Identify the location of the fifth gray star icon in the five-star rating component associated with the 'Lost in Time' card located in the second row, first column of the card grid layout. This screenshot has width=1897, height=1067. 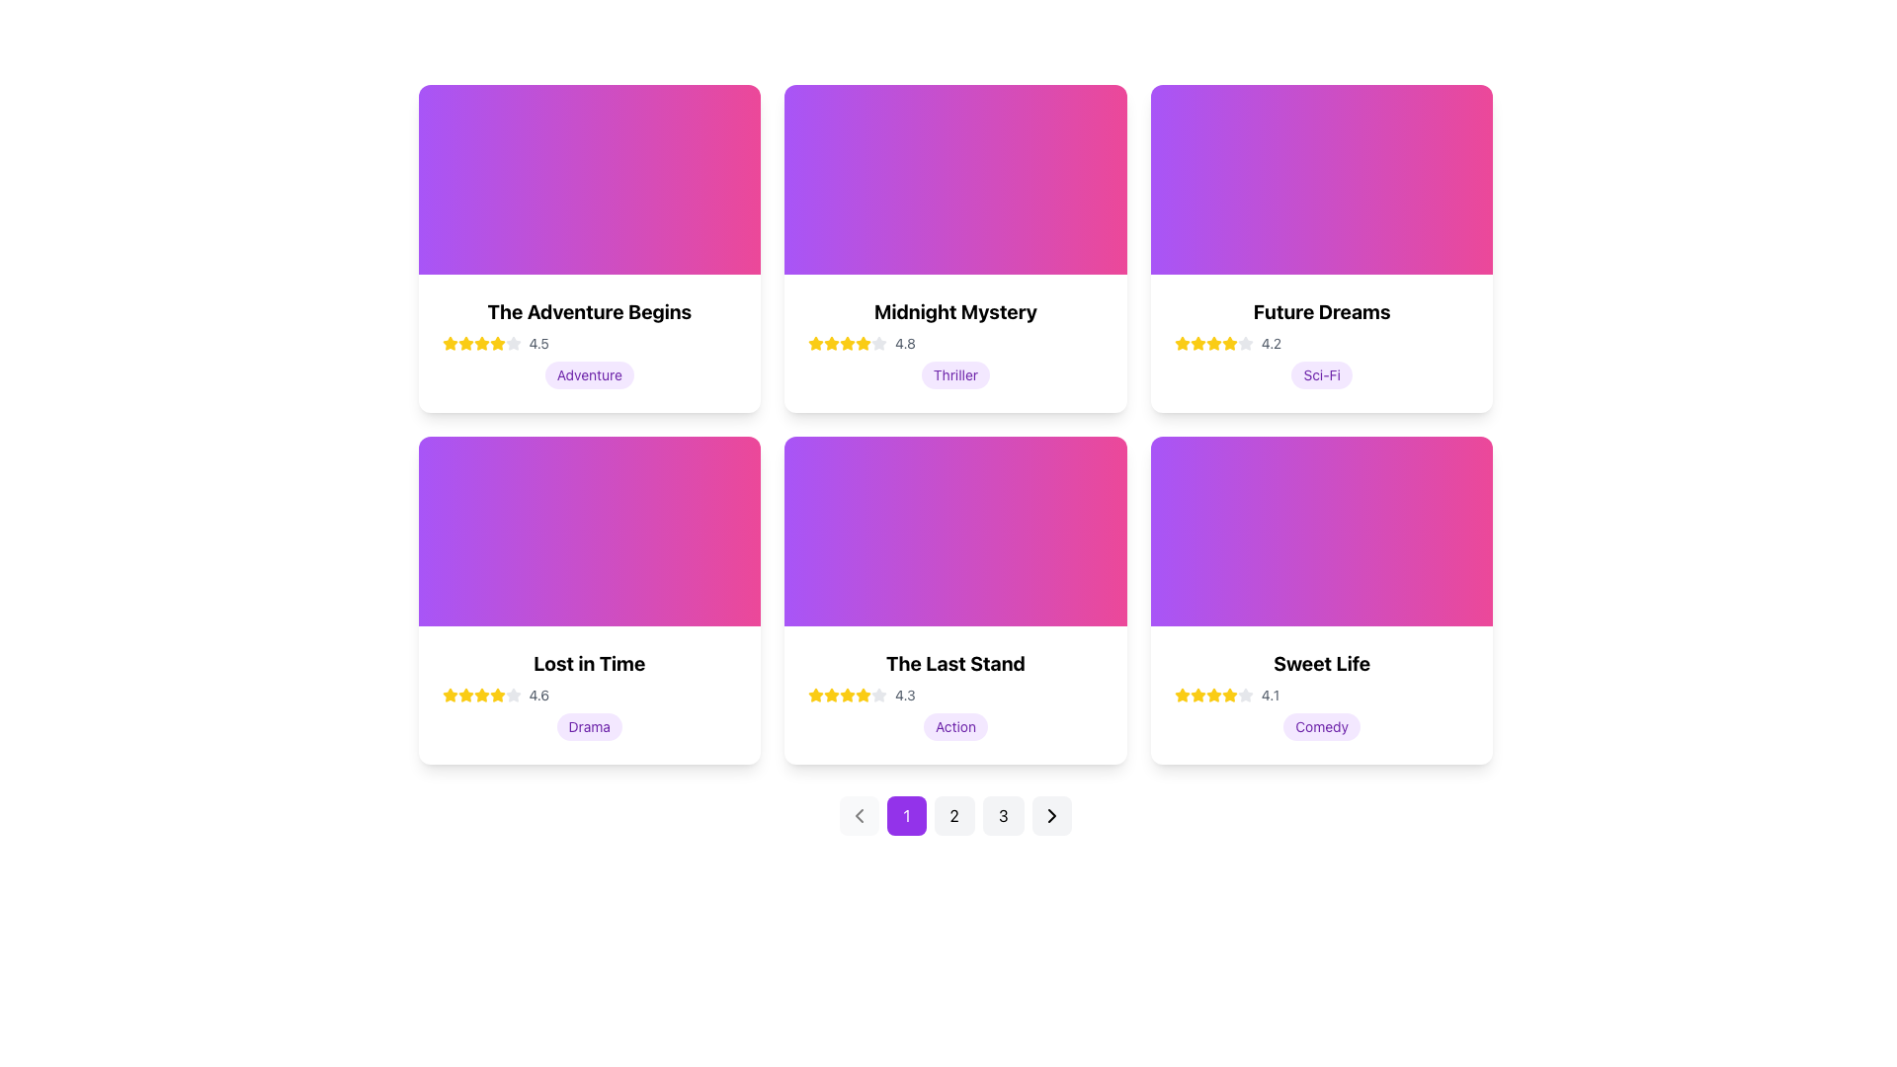
(513, 695).